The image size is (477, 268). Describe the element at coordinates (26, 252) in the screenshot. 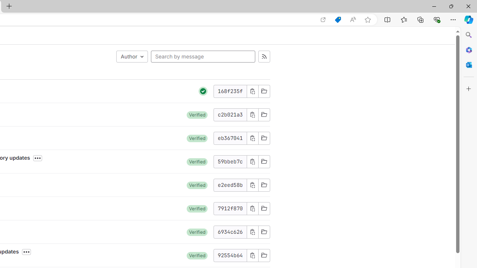

I see `'Toggle commit description'` at that location.